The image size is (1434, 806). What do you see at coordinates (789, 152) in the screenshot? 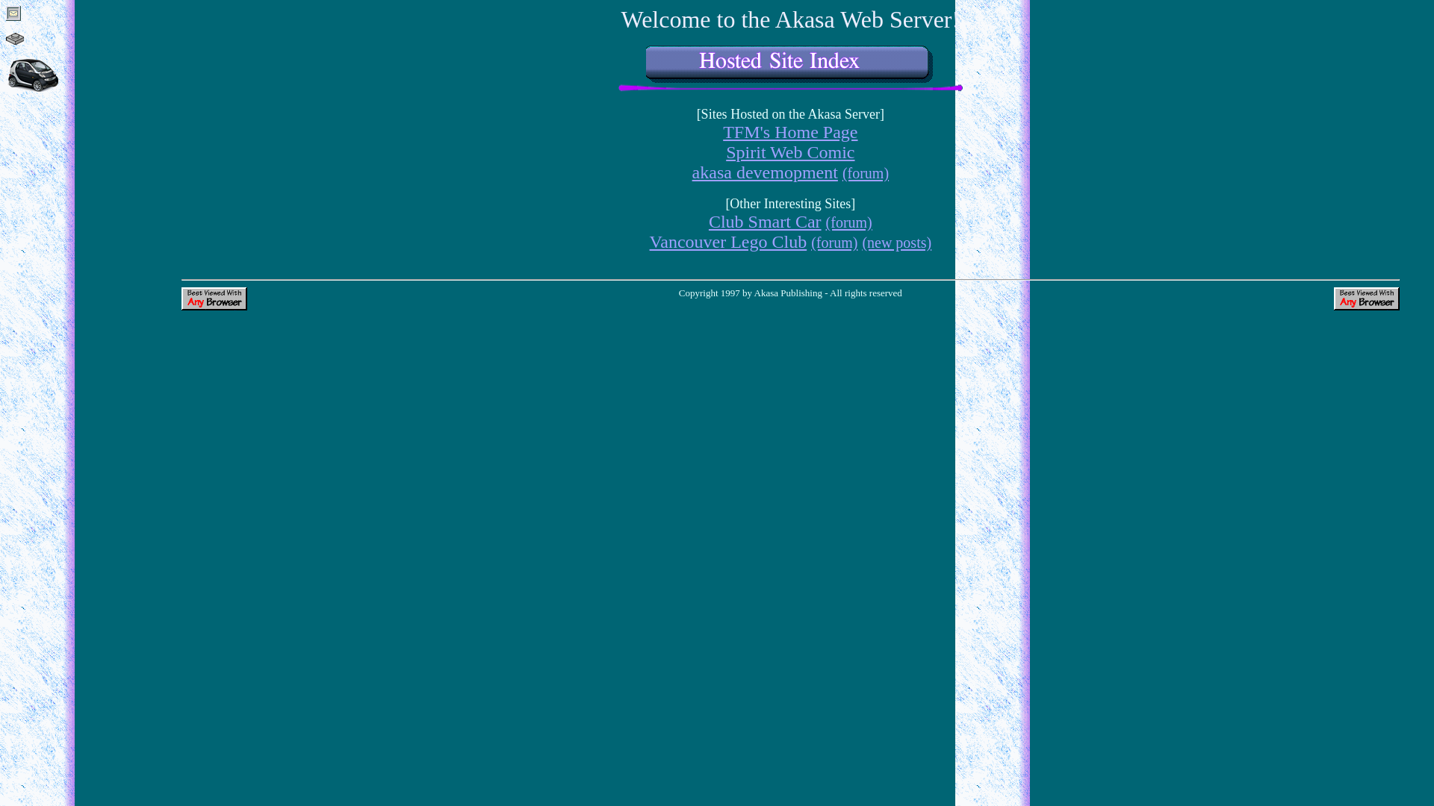
I see `'Spirit Web Comic'` at bounding box center [789, 152].